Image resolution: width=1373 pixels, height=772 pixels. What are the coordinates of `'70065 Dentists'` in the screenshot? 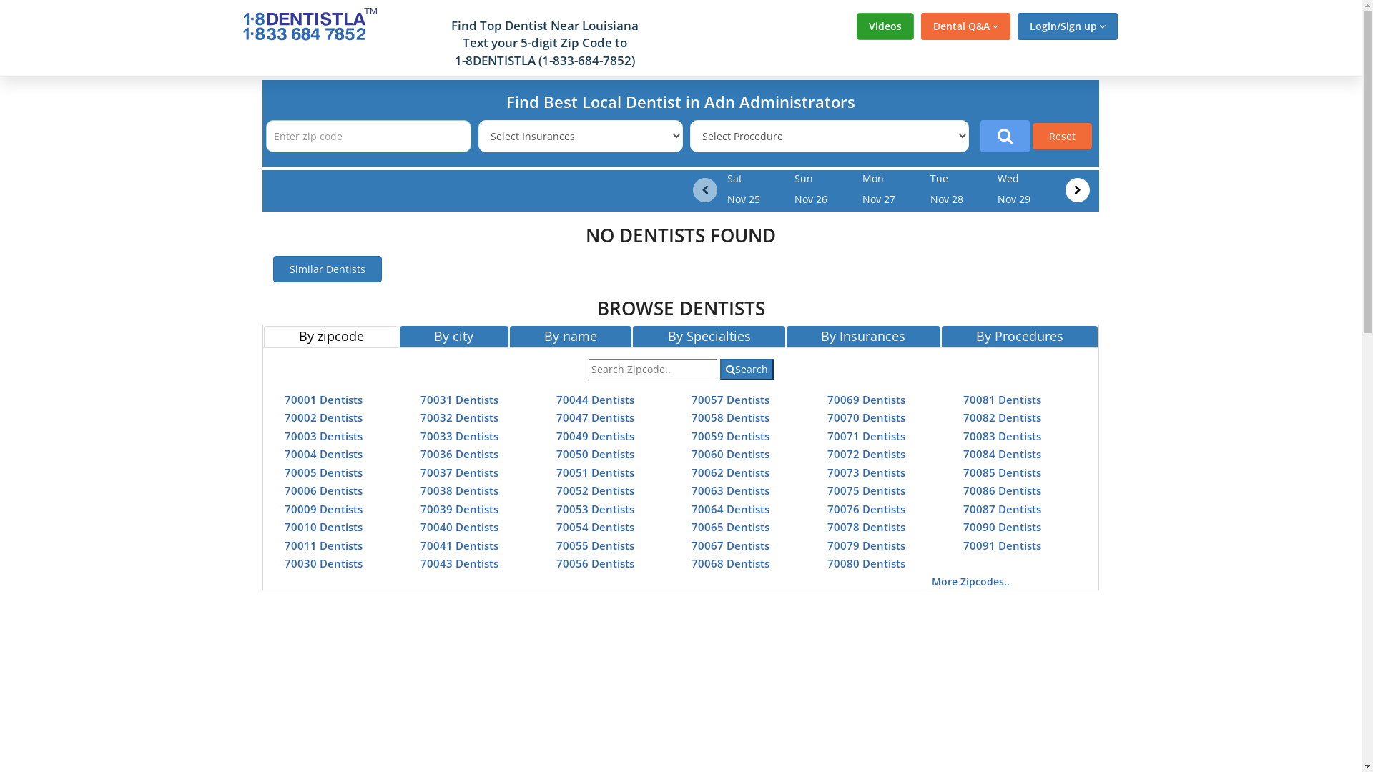 It's located at (730, 526).